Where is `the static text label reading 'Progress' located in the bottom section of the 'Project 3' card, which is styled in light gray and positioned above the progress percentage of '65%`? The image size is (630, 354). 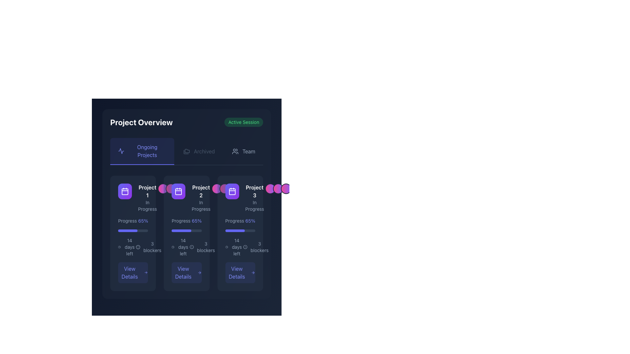 the static text label reading 'Progress' located in the bottom section of the 'Project 3' card, which is styled in light gray and positioned above the progress percentage of '65% is located at coordinates (235, 221).